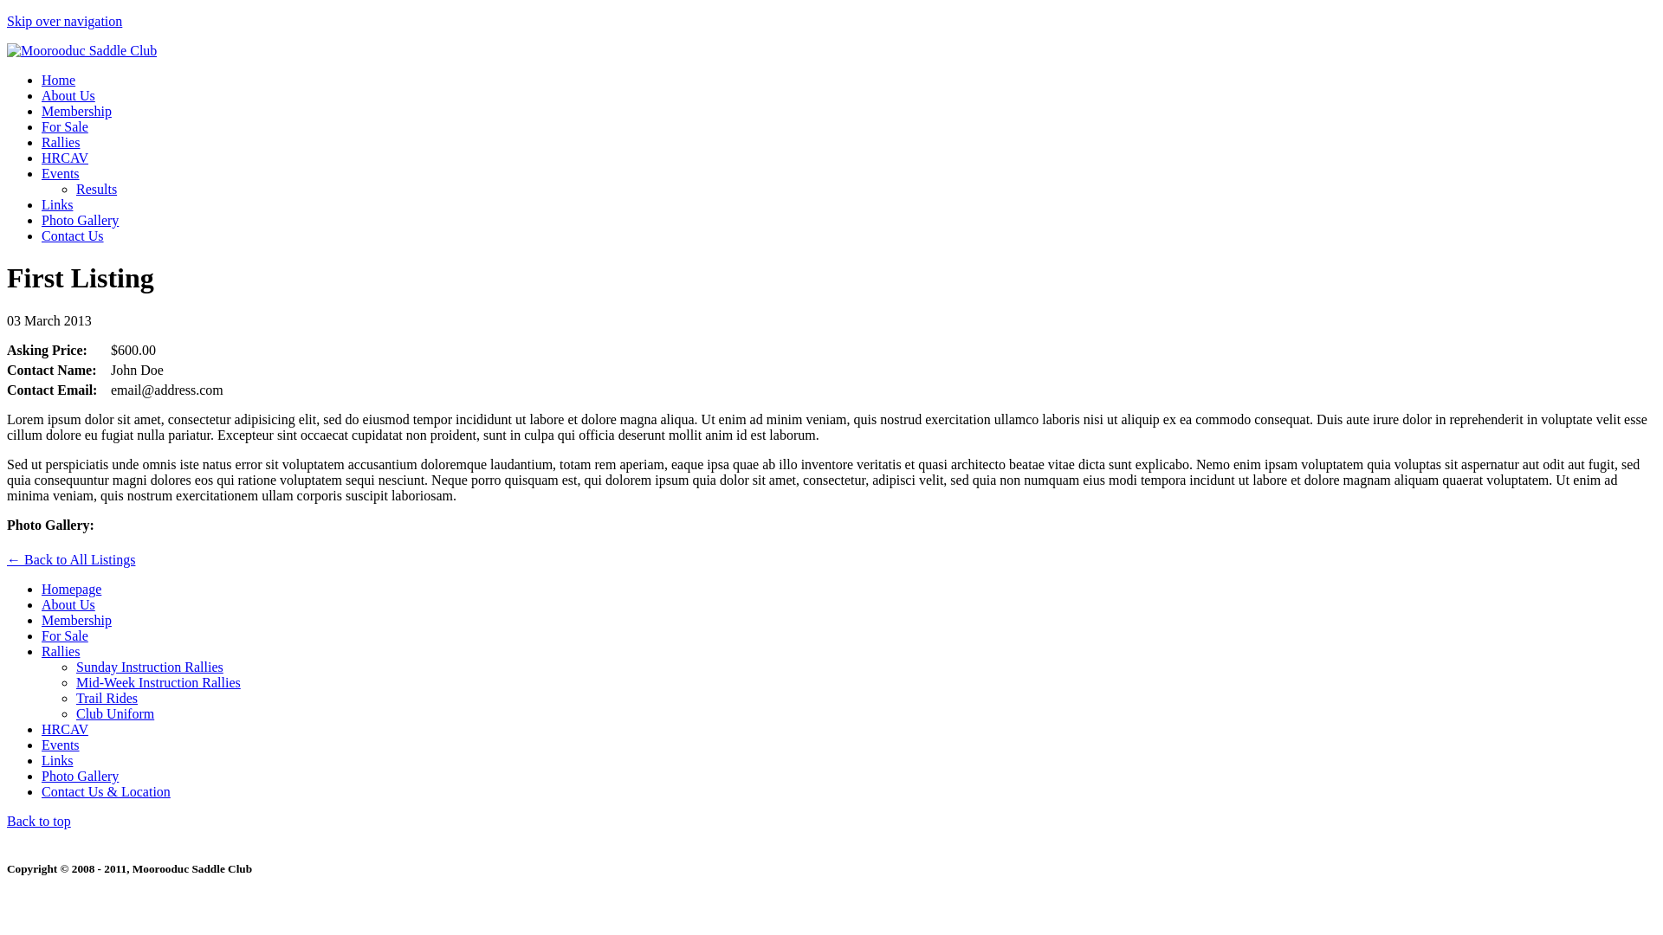 The image size is (1663, 935). Describe the element at coordinates (70, 588) in the screenshot. I see `'Homepage'` at that location.